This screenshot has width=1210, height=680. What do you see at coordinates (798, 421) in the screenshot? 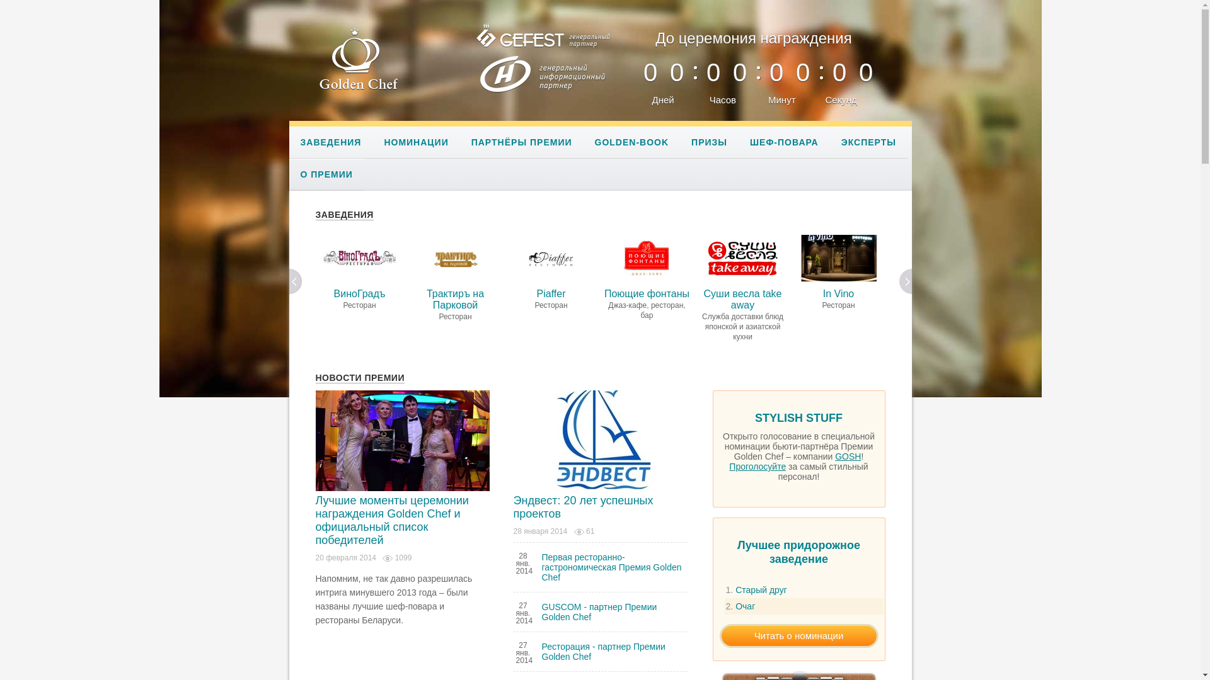
I see `'STYLISH STUFF'` at bounding box center [798, 421].